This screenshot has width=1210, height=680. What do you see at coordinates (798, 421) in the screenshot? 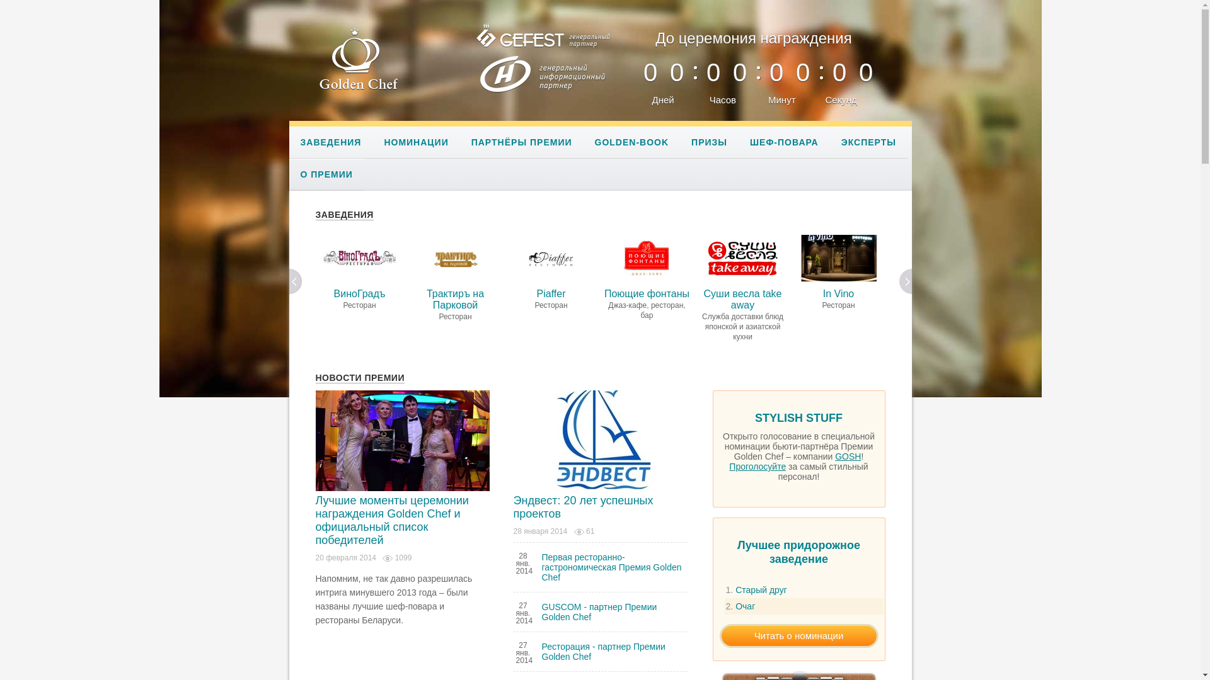
I see `'STYLISH STUFF'` at bounding box center [798, 421].